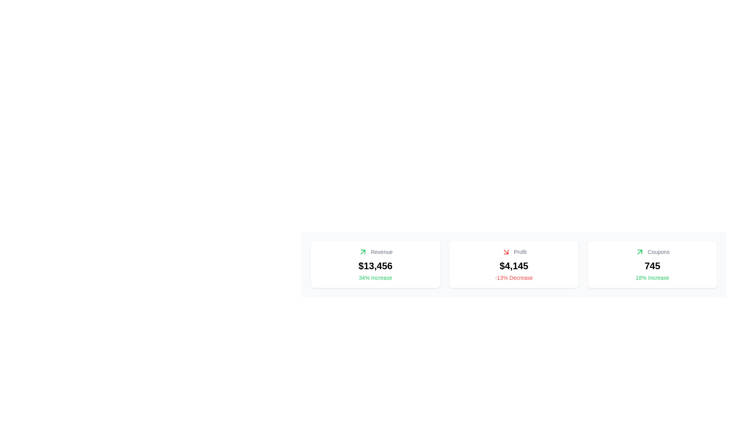 This screenshot has width=751, height=422. I want to click on the 'Profit' label located in the second card from the left, which is accompanied by a red downward arrow icon, so click(520, 252).